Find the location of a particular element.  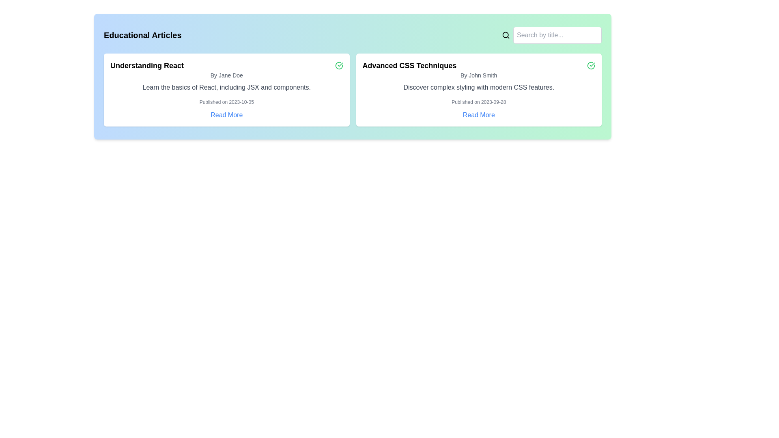

text content of the header labeled 'Educational Articles' located on the left side above the article cards is located at coordinates (142, 35).